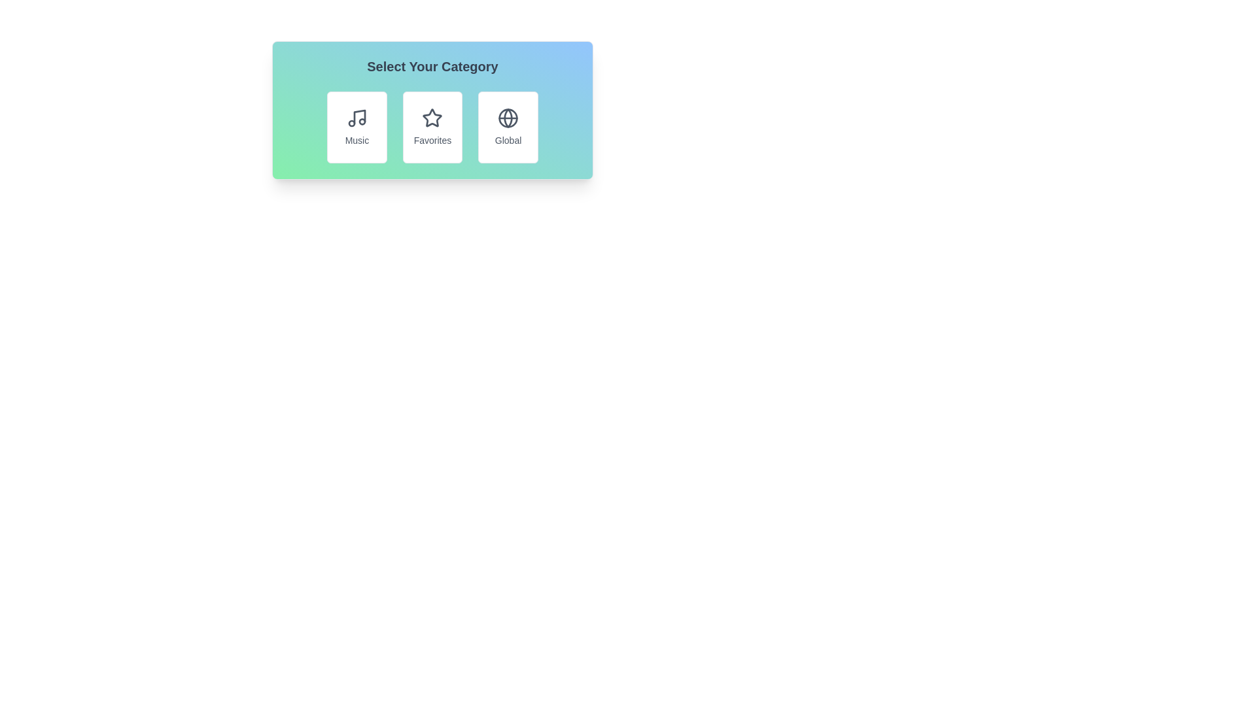 Image resolution: width=1256 pixels, height=706 pixels. Describe the element at coordinates (432, 110) in the screenshot. I see `the central area of the section component` at that location.